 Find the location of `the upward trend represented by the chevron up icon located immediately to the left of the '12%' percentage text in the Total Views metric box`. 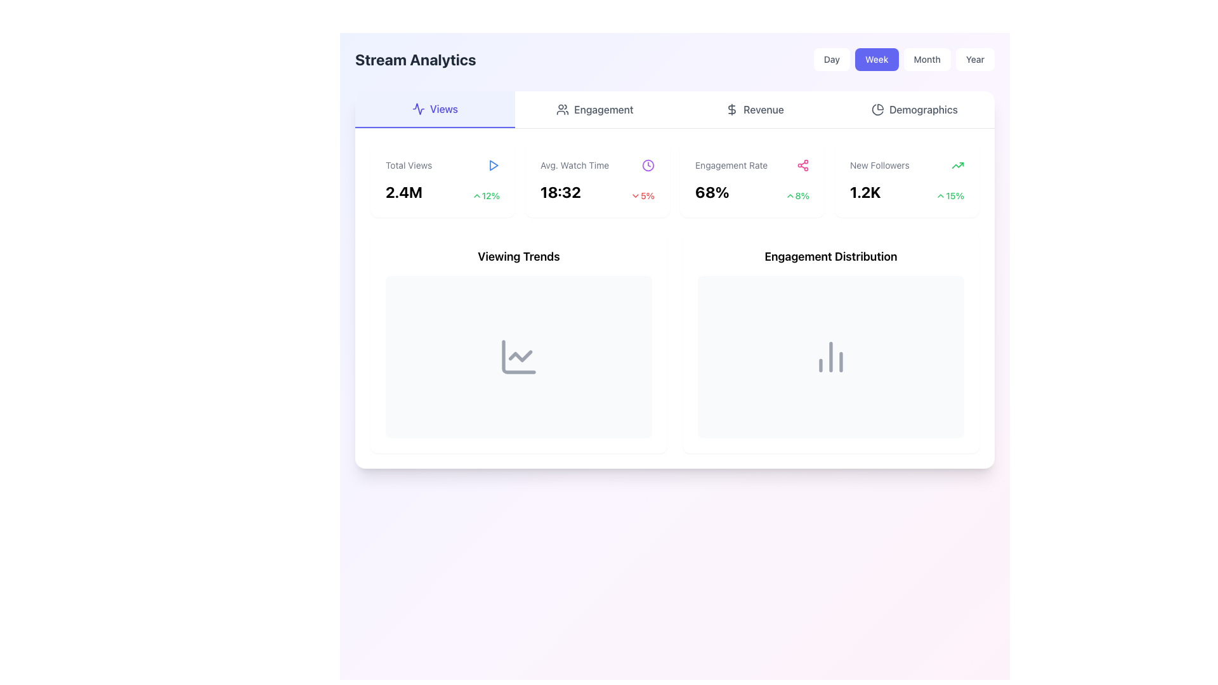

the upward trend represented by the chevron up icon located immediately to the left of the '12%' percentage text in the Total Views metric box is located at coordinates (476, 195).